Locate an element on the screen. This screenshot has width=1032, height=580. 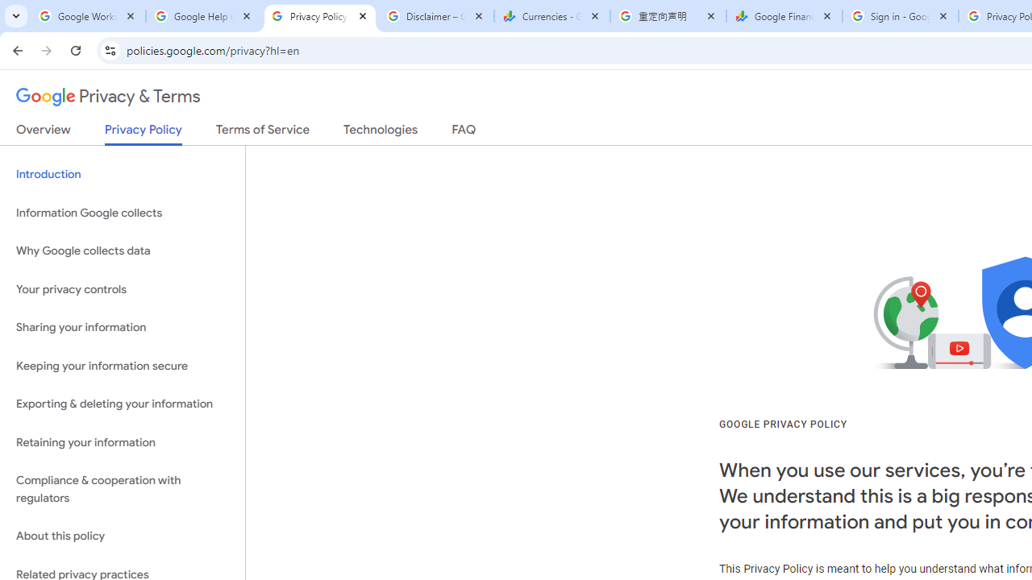
'Currencies - Google Finance' is located at coordinates (551, 16).